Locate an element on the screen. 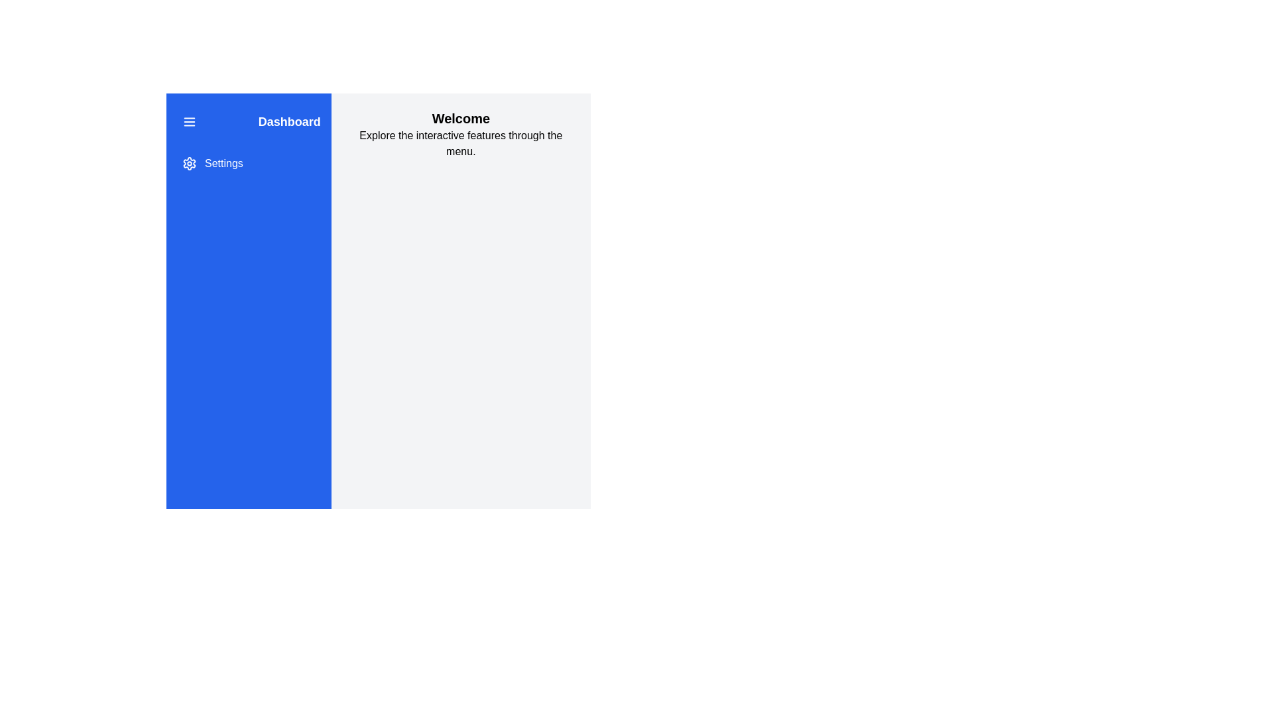 The width and height of the screenshot is (1273, 716). the text label for the settings menu item located in the vertical sidebar on the leftmost side of the interface is located at coordinates (223, 162).